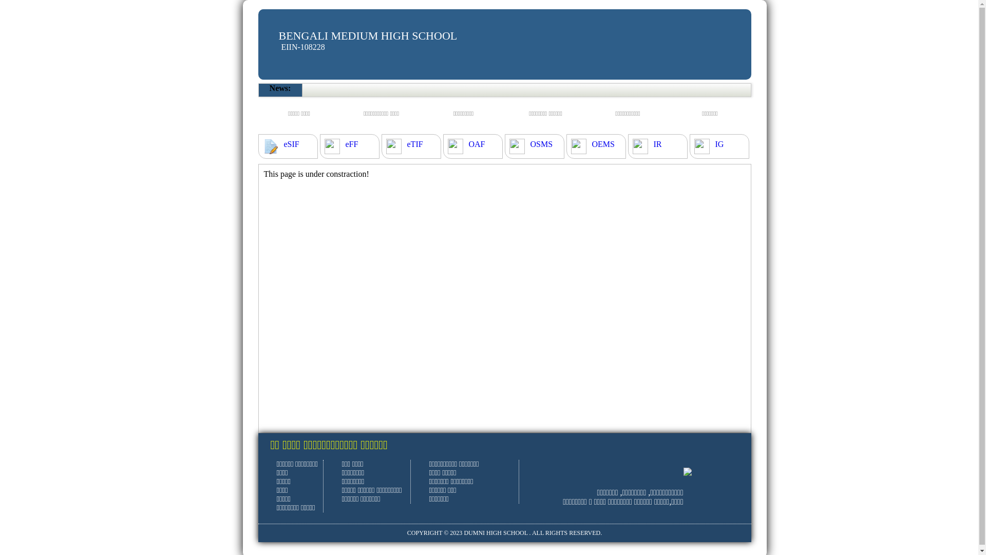 The width and height of the screenshot is (986, 555). I want to click on 'OEMS', so click(603, 144).